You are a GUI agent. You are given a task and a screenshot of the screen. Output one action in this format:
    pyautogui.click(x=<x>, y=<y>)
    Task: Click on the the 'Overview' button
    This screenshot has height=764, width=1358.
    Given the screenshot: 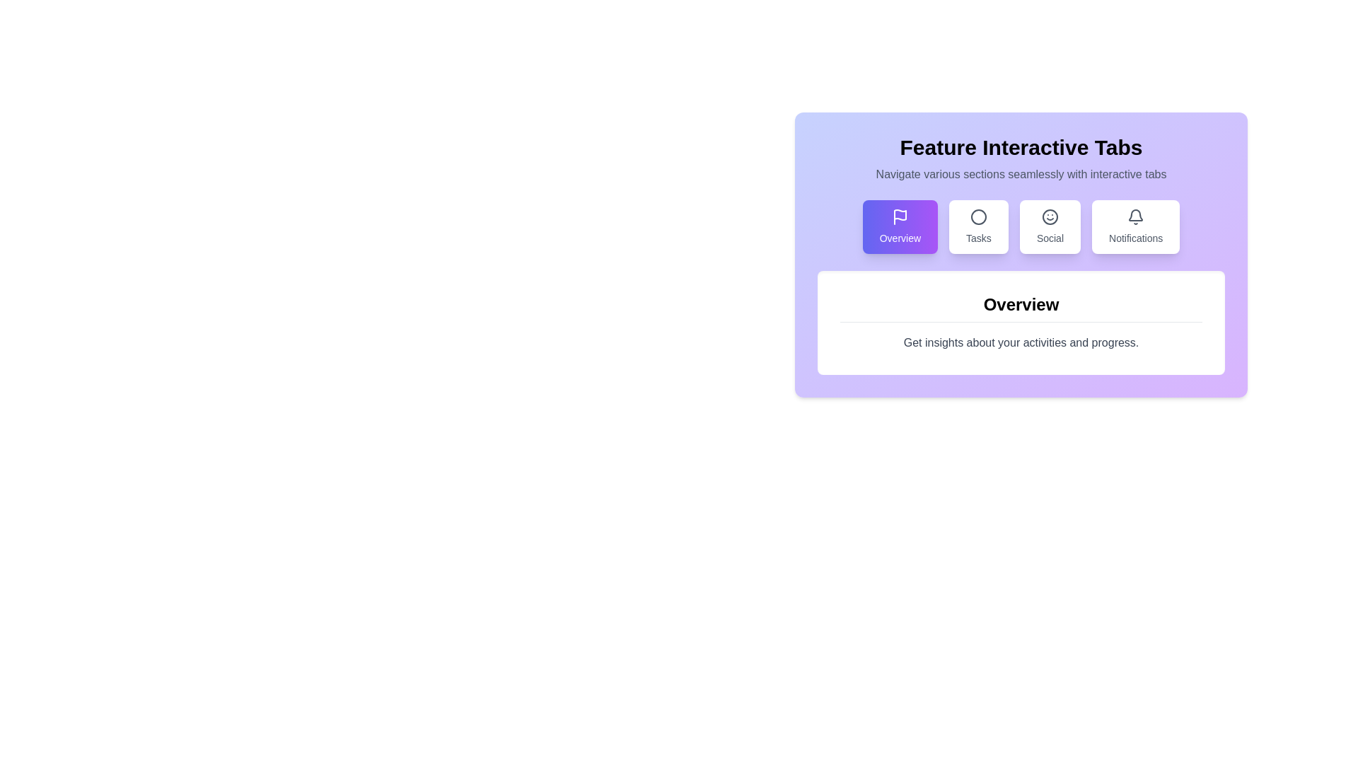 What is the action you would take?
    pyautogui.click(x=899, y=226)
    